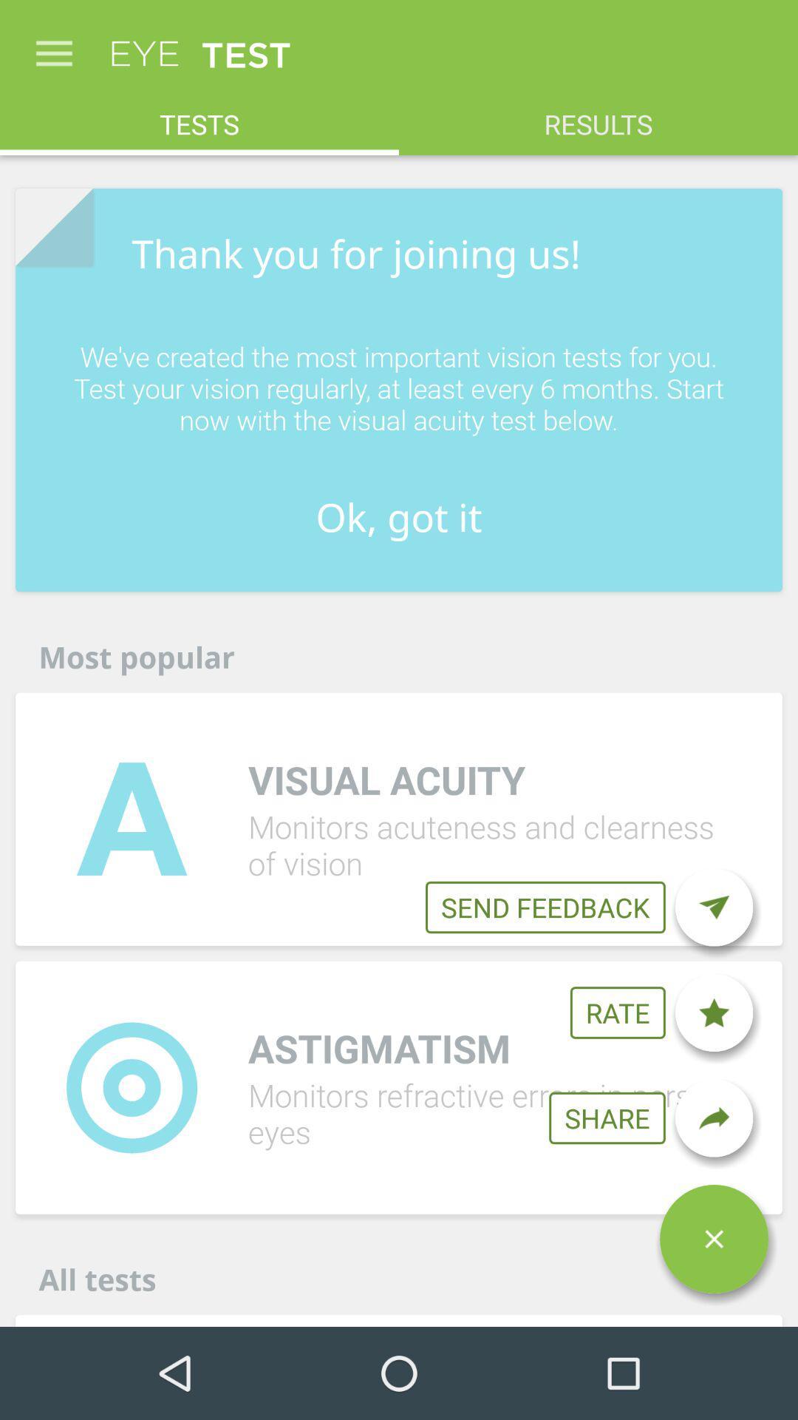 Image resolution: width=798 pixels, height=1420 pixels. I want to click on the item to the right of rate icon, so click(713, 1012).